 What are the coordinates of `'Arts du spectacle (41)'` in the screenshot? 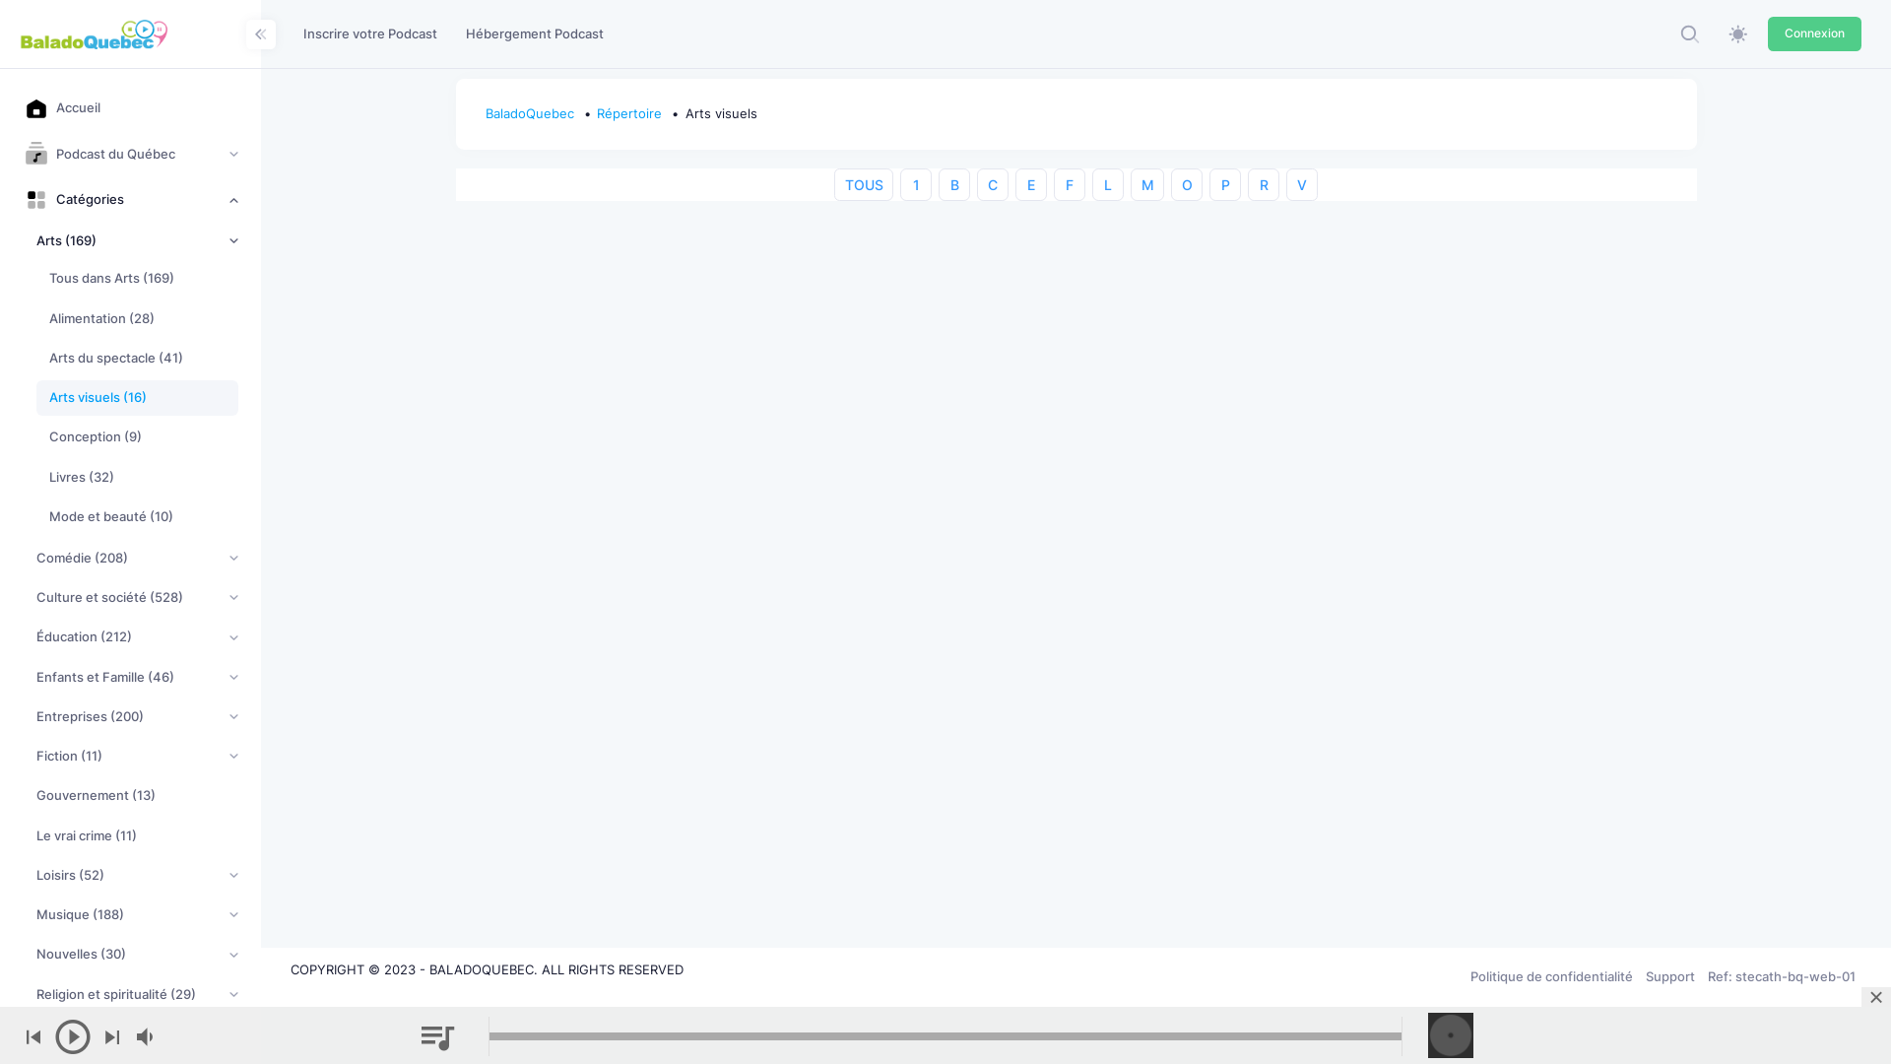 It's located at (142, 357).